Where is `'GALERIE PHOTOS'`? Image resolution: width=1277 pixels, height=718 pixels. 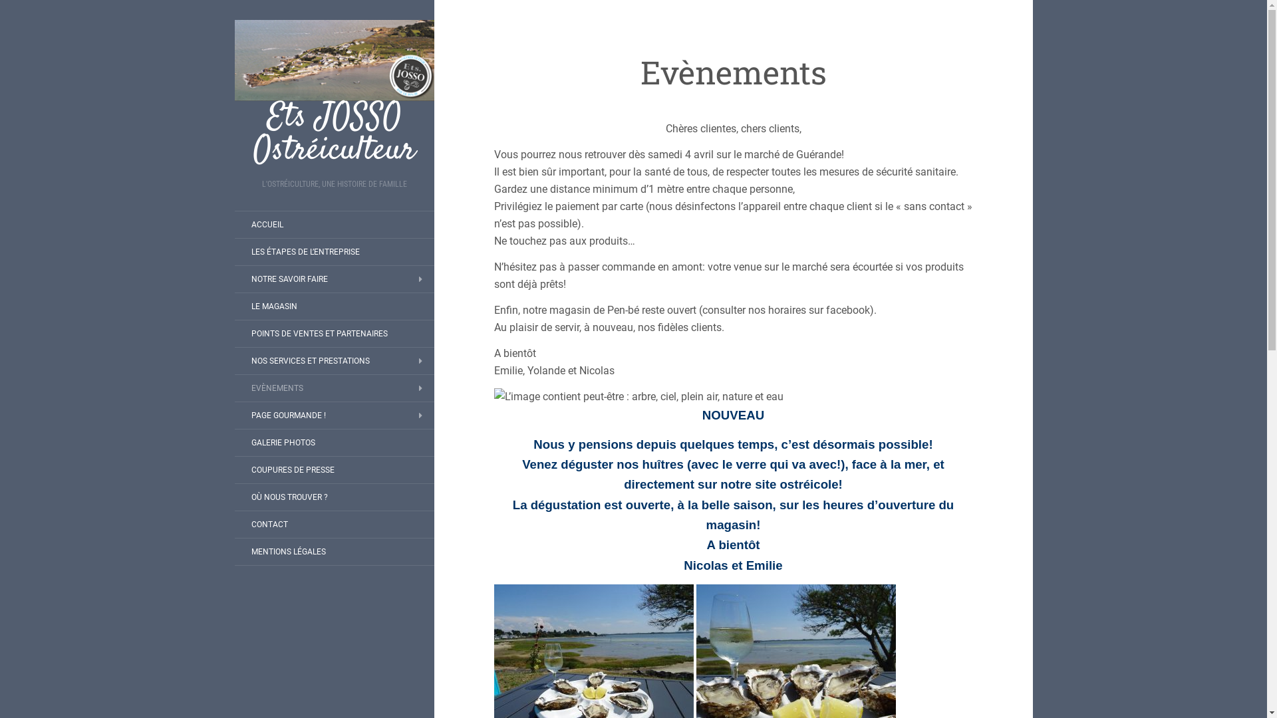
'GALERIE PHOTOS' is located at coordinates (233, 443).